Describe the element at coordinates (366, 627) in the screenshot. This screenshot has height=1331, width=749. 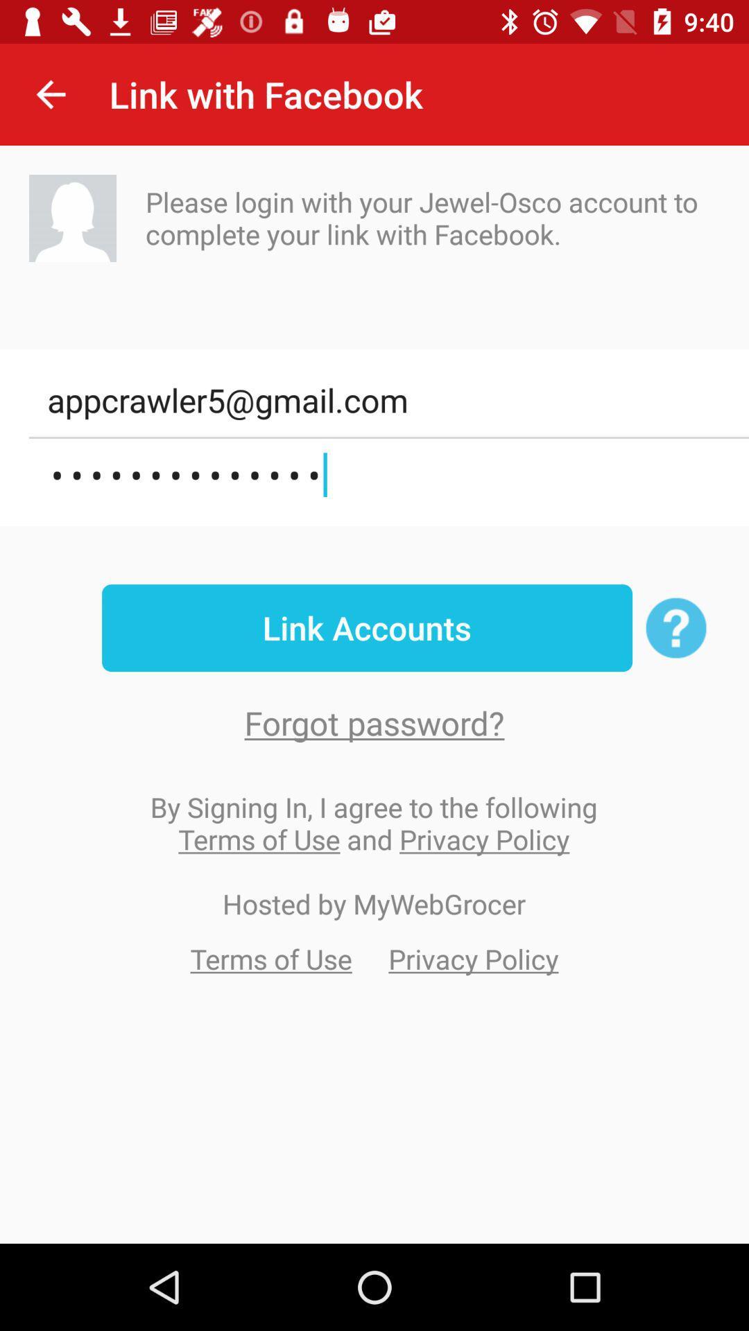
I see `item above forgot password? item` at that location.